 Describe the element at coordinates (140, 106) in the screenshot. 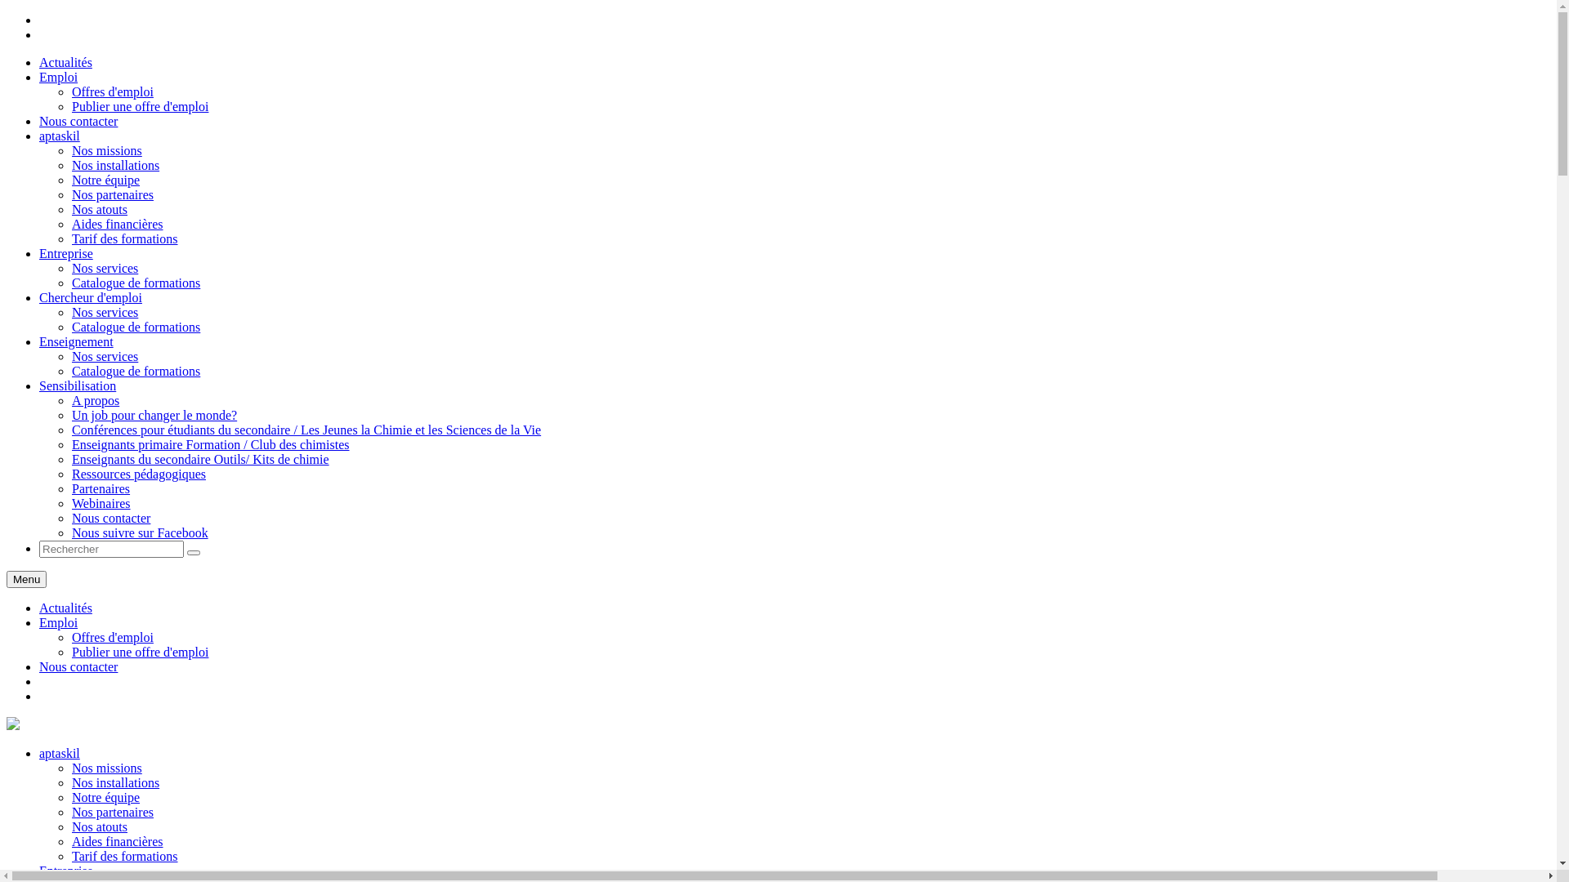

I see `'Publier une offre d'emploi'` at that location.